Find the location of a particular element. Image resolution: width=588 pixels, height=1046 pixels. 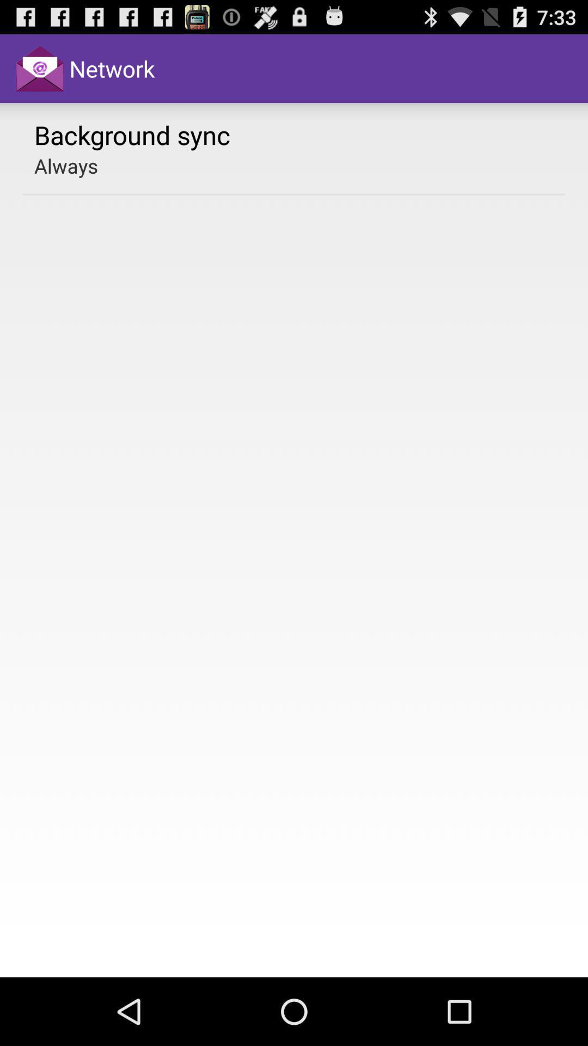

the app above the always is located at coordinates (132, 134).